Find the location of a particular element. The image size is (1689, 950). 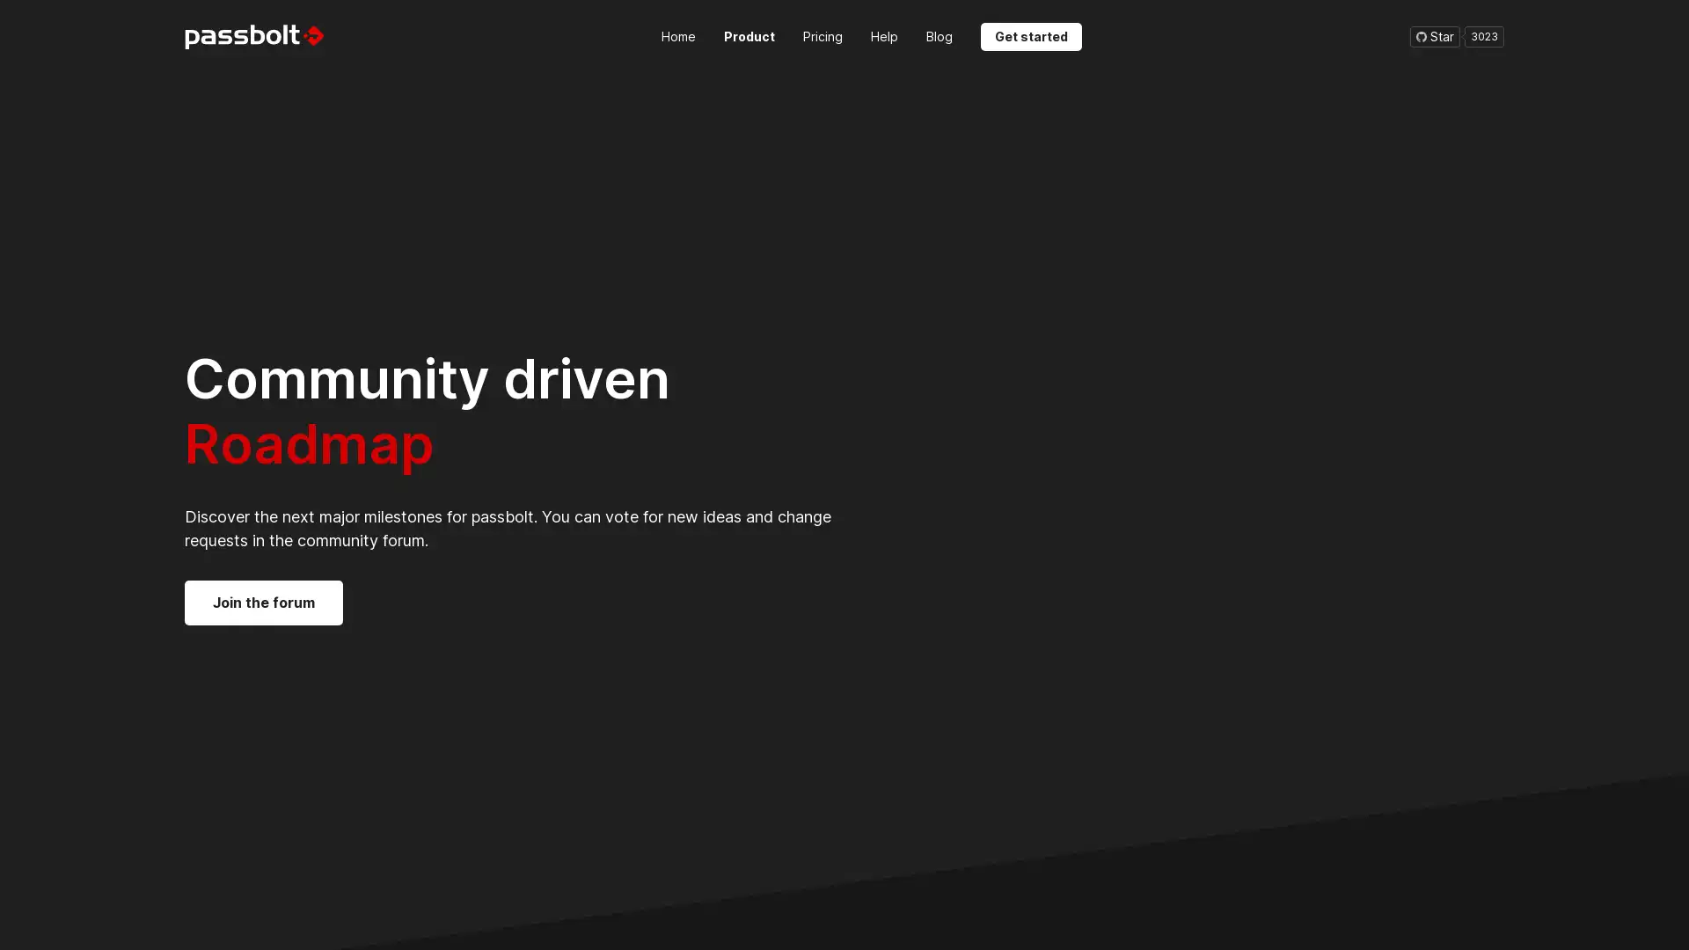

Join the forum is located at coordinates (262, 602).